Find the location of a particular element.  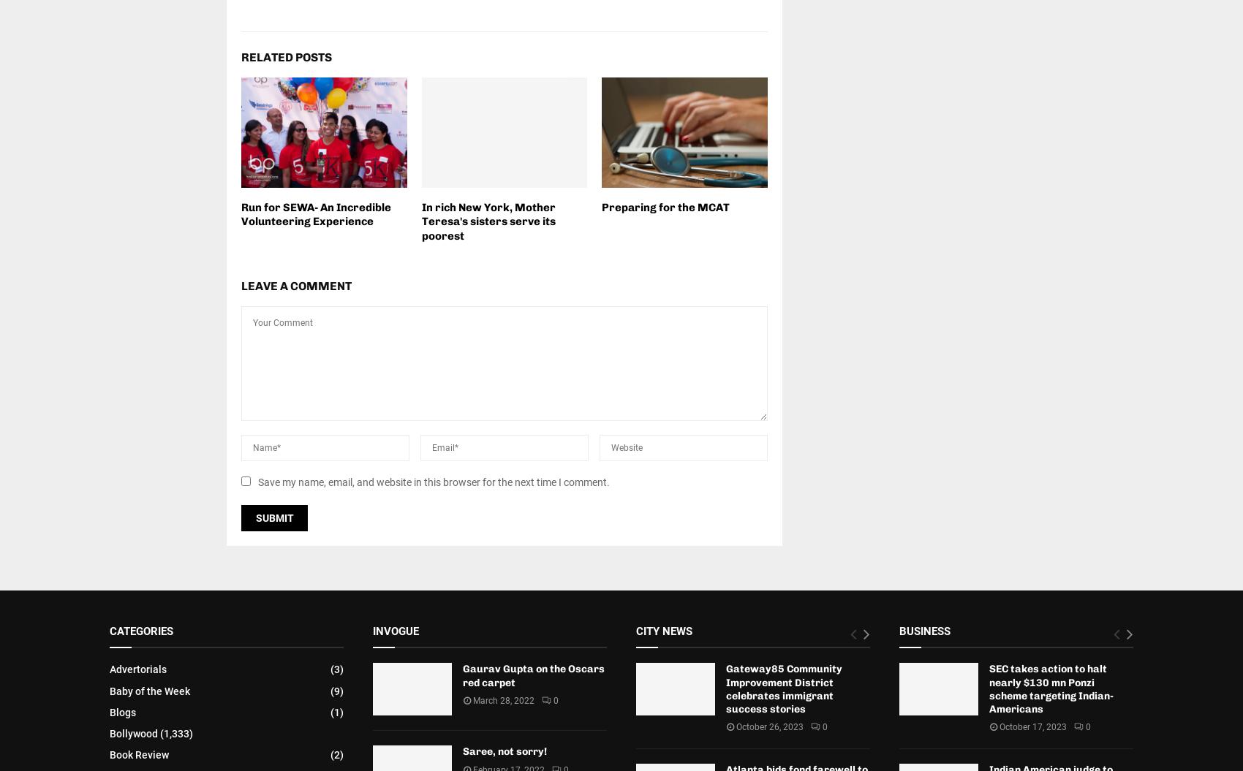

'(3)' is located at coordinates (337, 668).